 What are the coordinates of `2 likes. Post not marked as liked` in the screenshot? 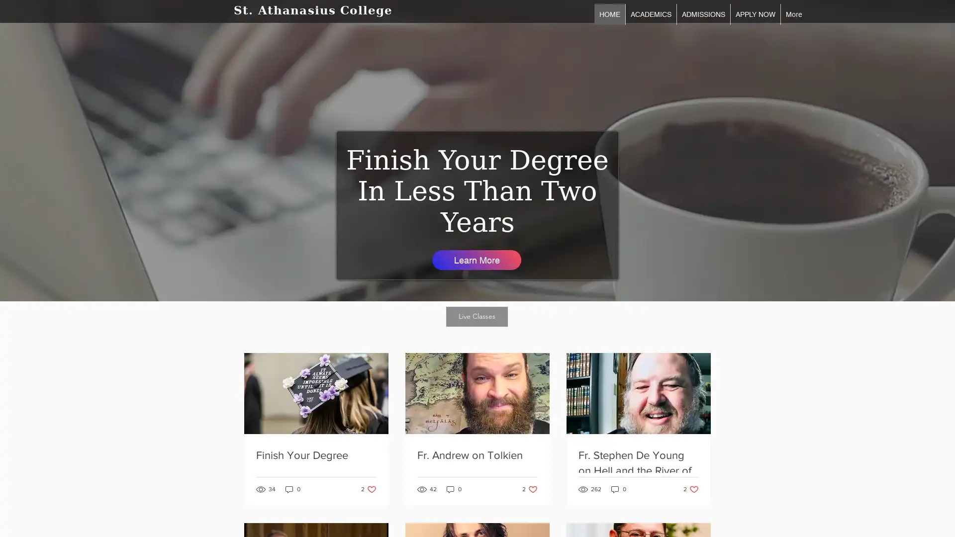 It's located at (690, 488).